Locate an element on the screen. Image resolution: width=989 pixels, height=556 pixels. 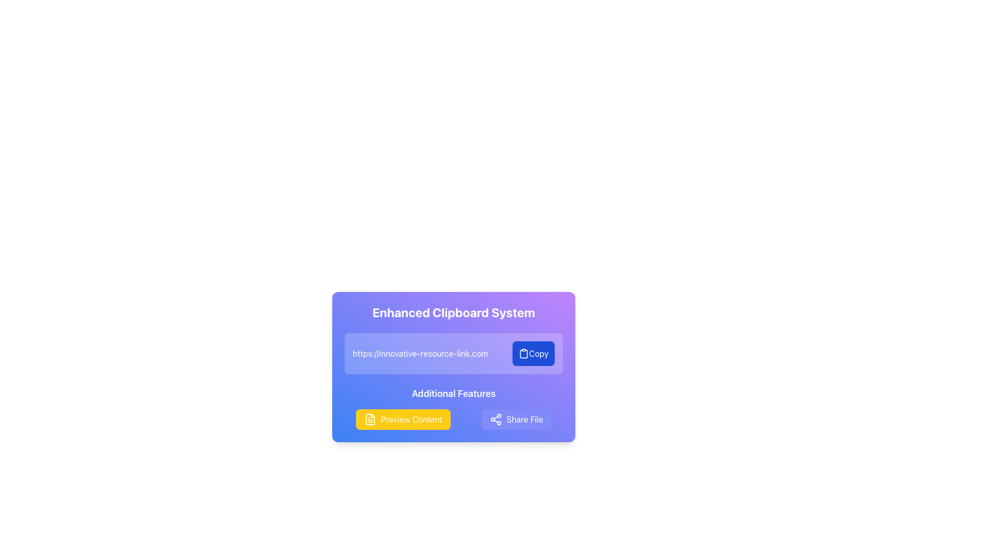
the main body of the clipboard icon located in the top-right region of the modal window, which visually represents the clipboard's copy functionality is located at coordinates (524, 353).